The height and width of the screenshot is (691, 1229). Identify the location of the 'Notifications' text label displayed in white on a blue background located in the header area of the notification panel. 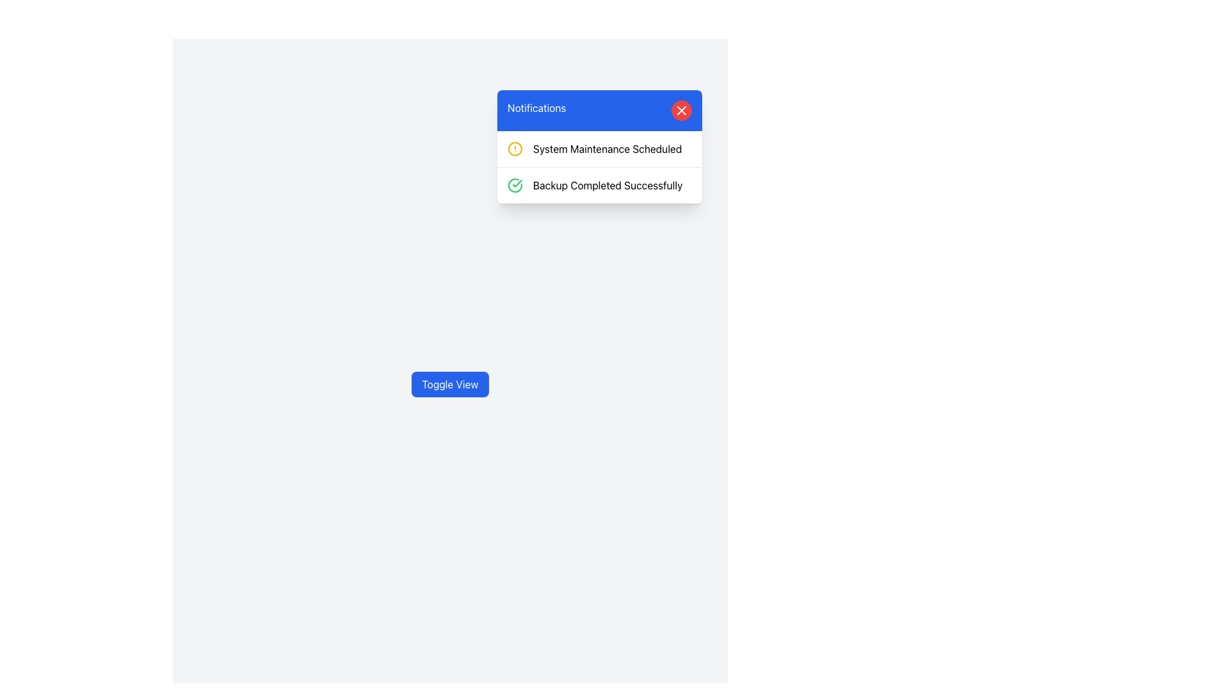
(536, 110).